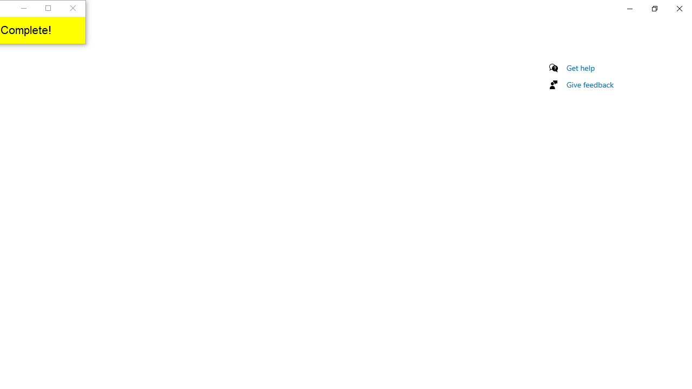 The height and width of the screenshot is (389, 692). I want to click on 'Get help', so click(580, 68).